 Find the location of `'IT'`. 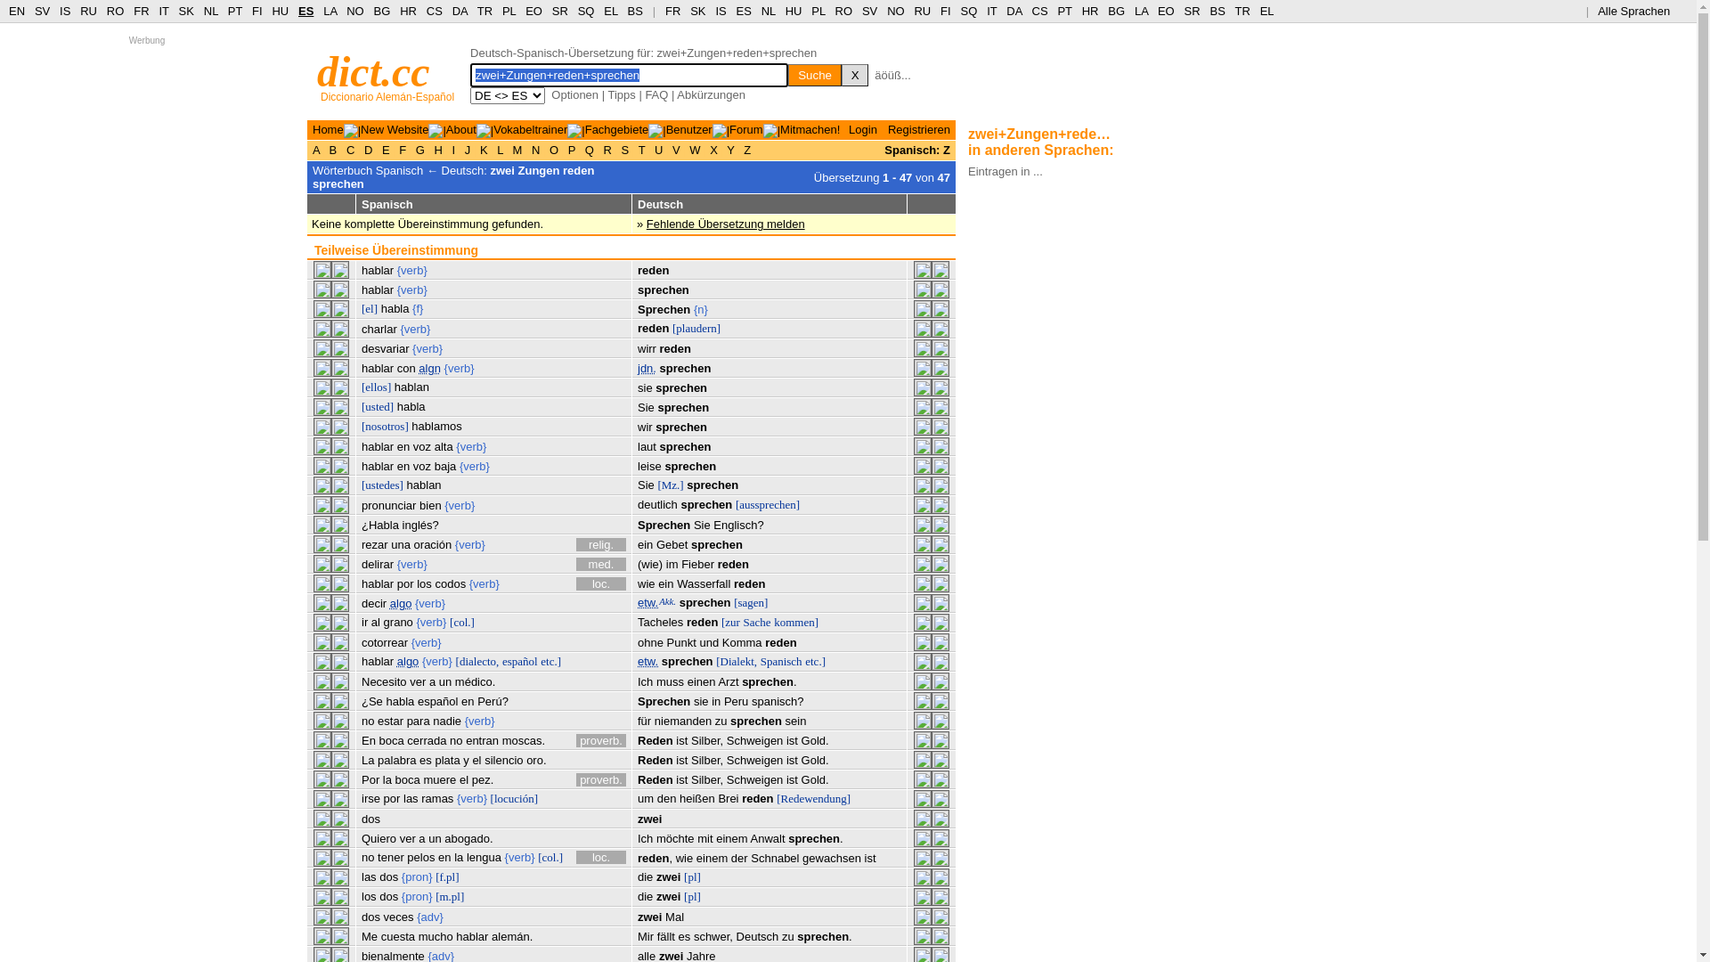

'IT' is located at coordinates (163, 11).